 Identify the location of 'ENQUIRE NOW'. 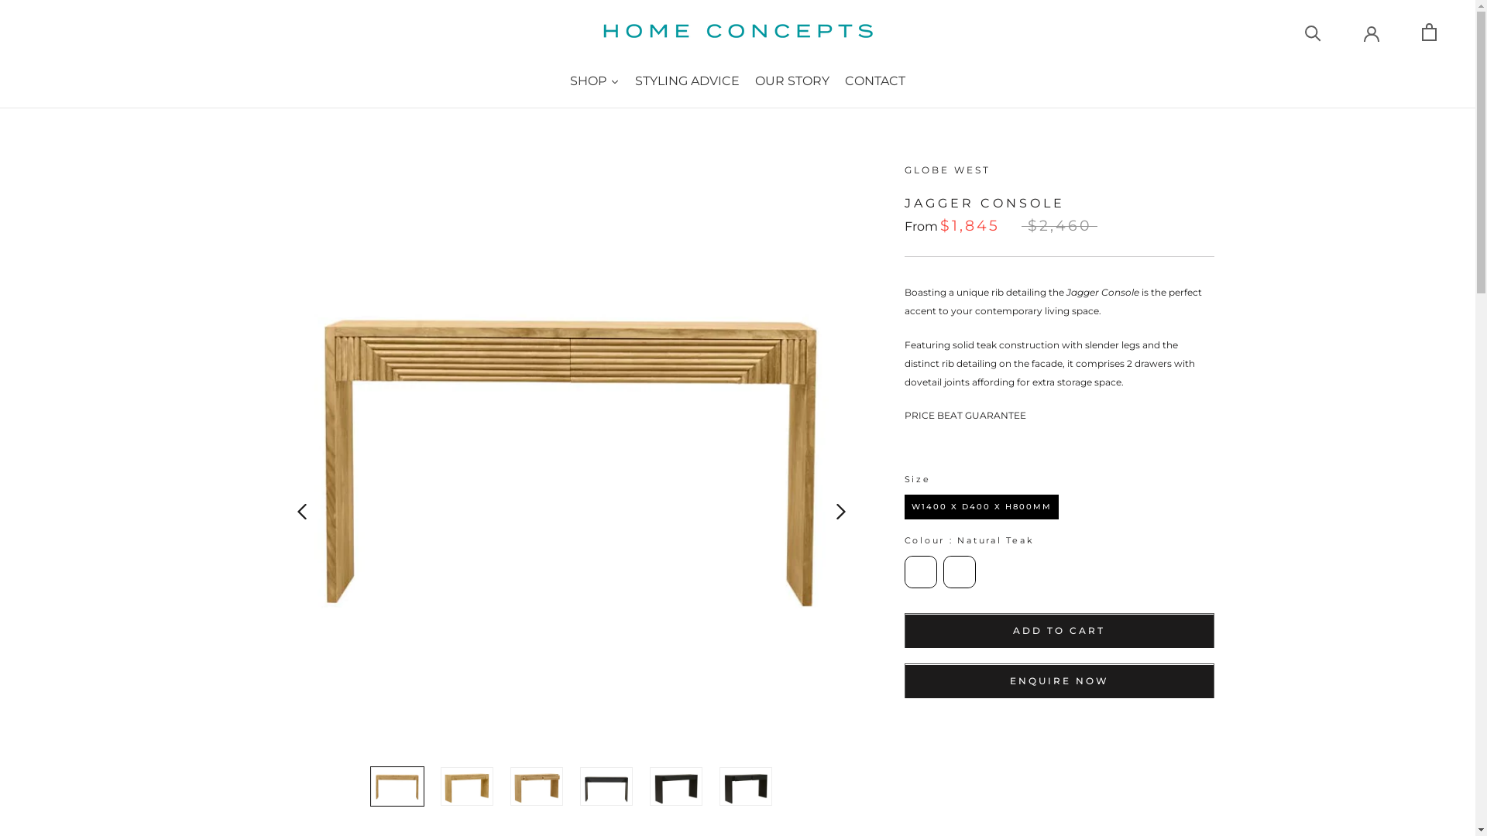
(1059, 680).